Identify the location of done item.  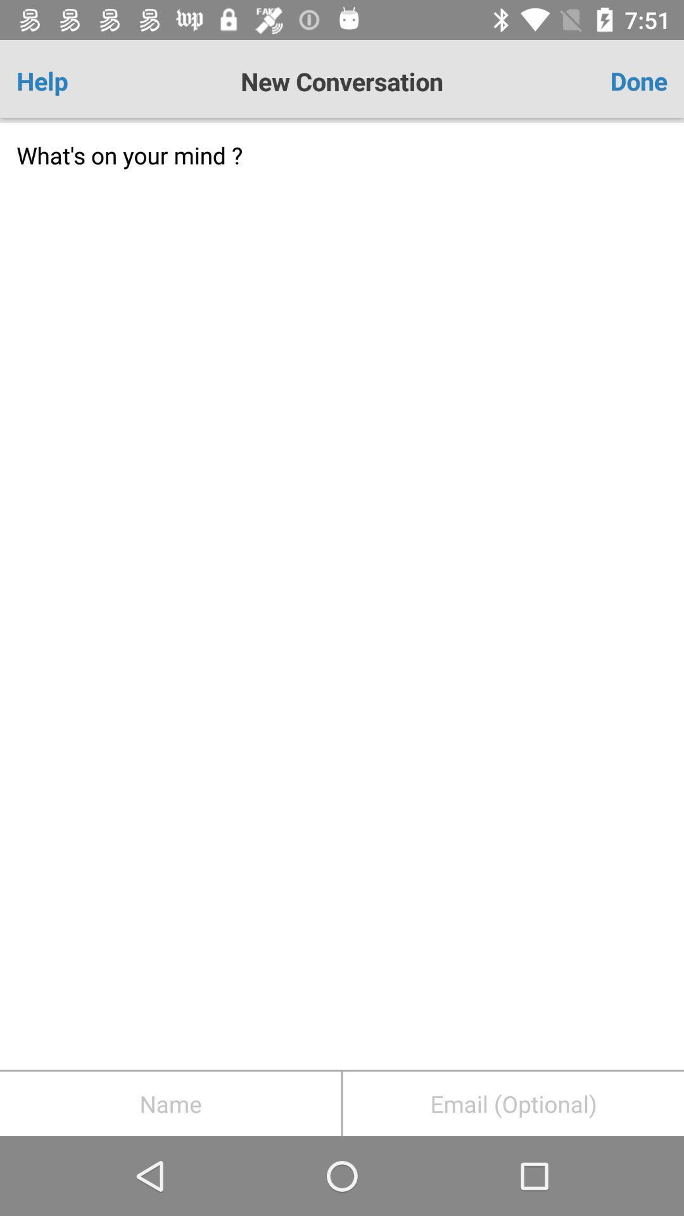
(613, 80).